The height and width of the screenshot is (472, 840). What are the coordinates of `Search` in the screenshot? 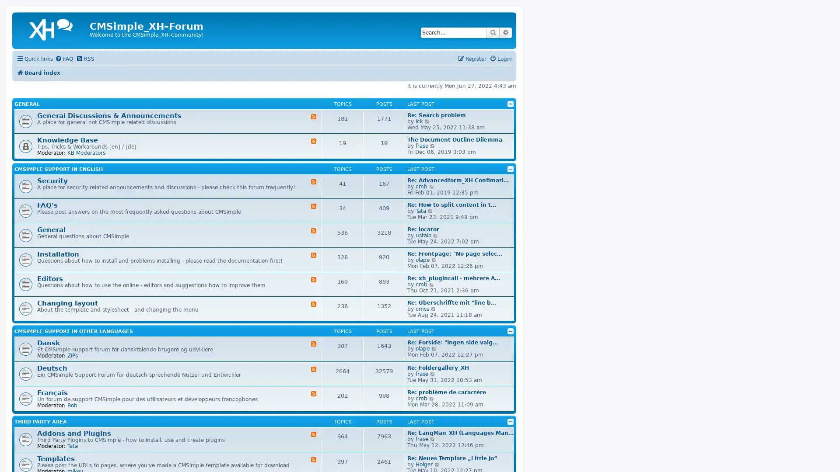 It's located at (493, 32).